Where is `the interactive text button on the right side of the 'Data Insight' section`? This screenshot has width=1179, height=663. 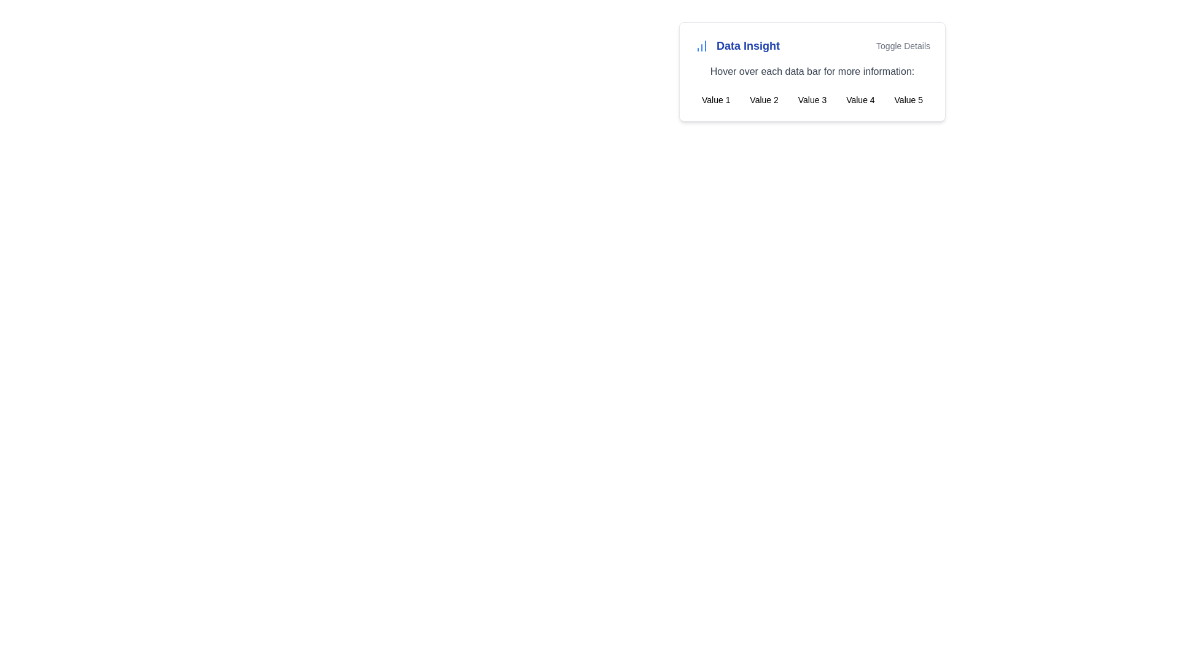
the interactive text button on the right side of the 'Data Insight' section is located at coordinates (903, 45).